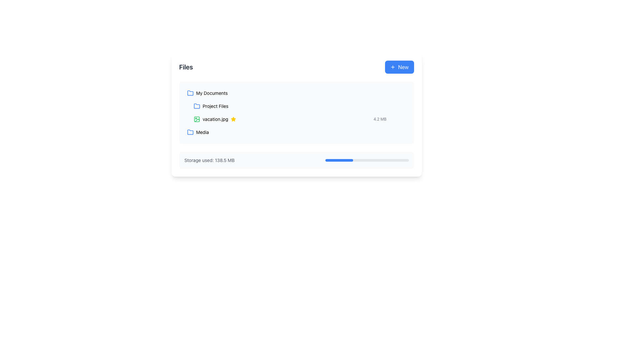 This screenshot has height=352, width=626. I want to click on the download button located to the right of the file name and size details for 'vacation.jpg', so click(393, 93).